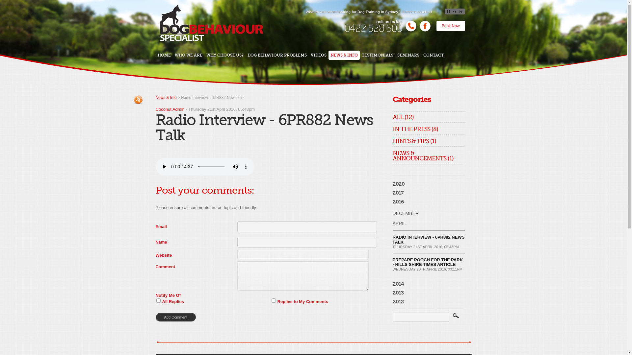 The image size is (632, 355). Describe the element at coordinates (418, 31) in the screenshot. I see `'Facebook'` at that location.